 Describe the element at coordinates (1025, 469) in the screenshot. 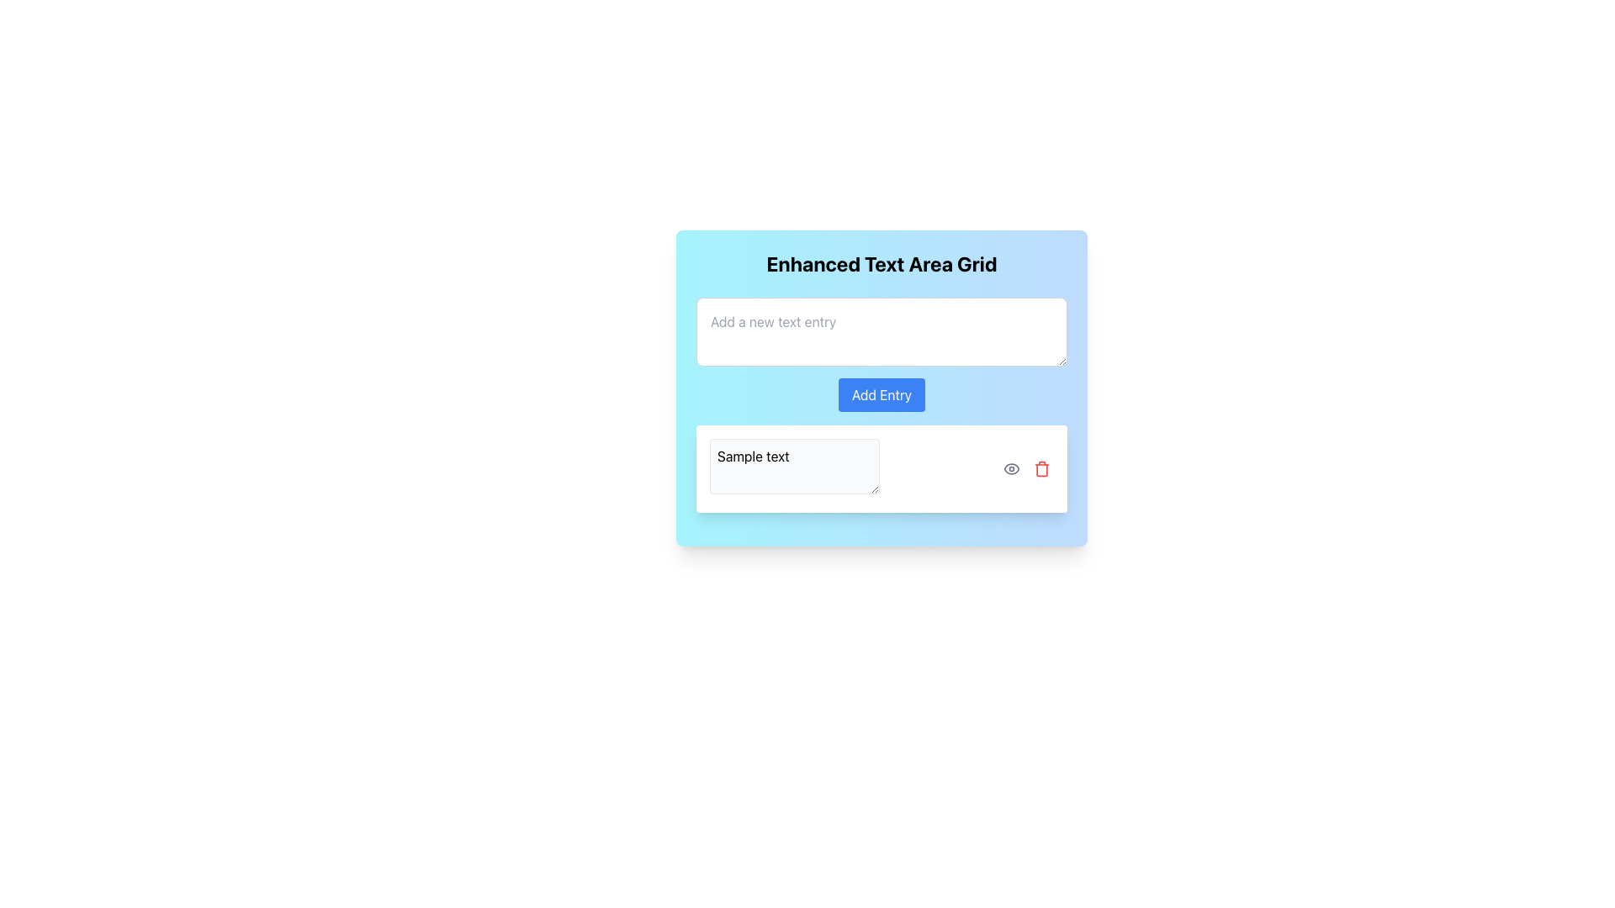

I see `the trash icon on the right side of the composite UI element containing two buttons for deleting the associated text entry` at that location.